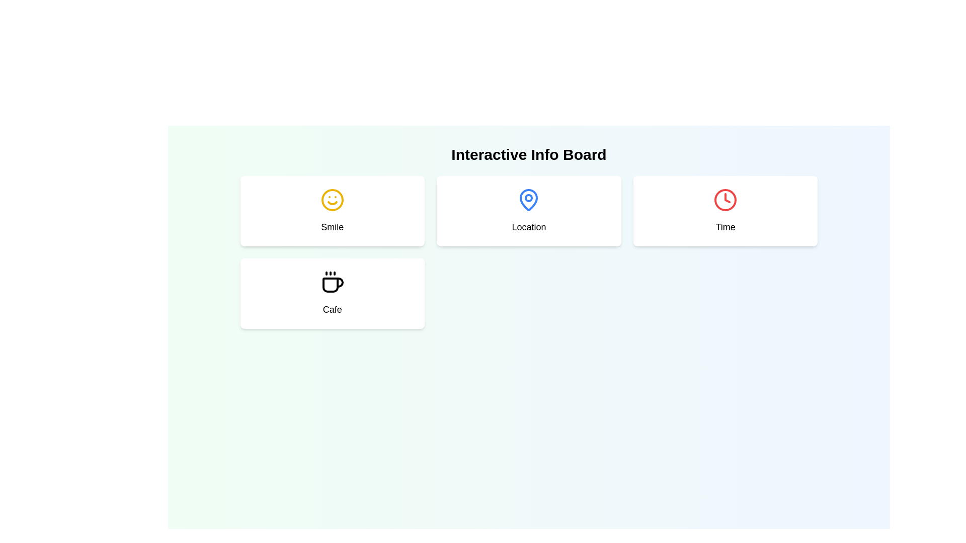 This screenshot has height=543, width=966. Describe the element at coordinates (332, 227) in the screenshot. I see `the static text label indicating the 'Smile' theme, which is positioned beneath a yellow smiley face icon in the top-left portion of the interface` at that location.